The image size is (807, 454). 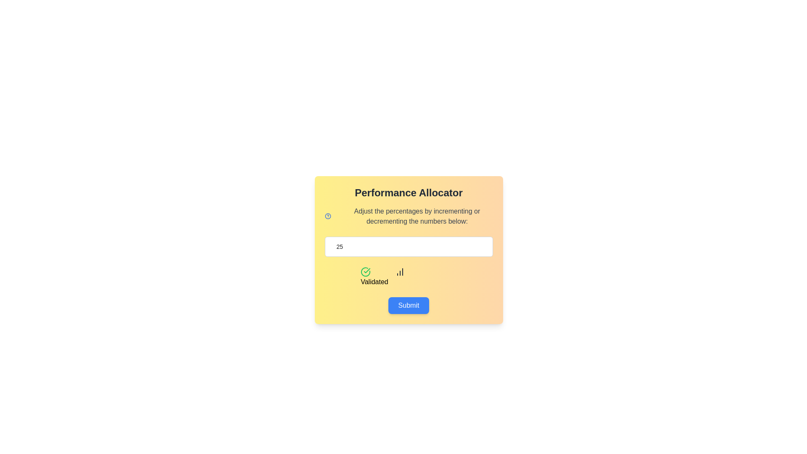 What do you see at coordinates (374, 282) in the screenshot?
I see `the Text Label that indicates successful validation, located in the lower-left region of the main form panel, below the input field labeled '25'` at bounding box center [374, 282].